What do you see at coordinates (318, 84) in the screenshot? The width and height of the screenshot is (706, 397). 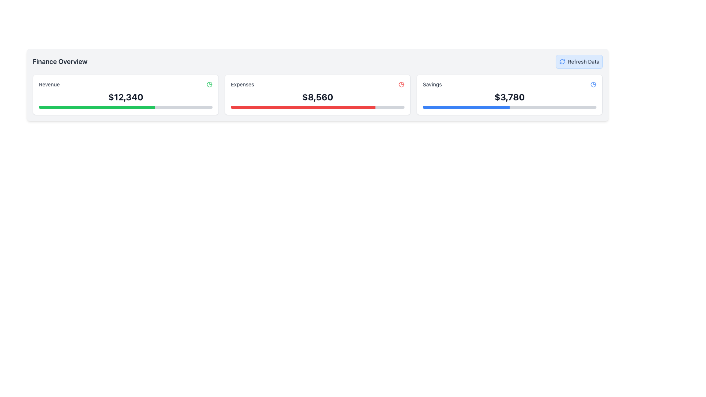 I see `the label icon indicating the financial metric at the top center of the second card, above the '$8,560' text and horizontal bar graph` at bounding box center [318, 84].